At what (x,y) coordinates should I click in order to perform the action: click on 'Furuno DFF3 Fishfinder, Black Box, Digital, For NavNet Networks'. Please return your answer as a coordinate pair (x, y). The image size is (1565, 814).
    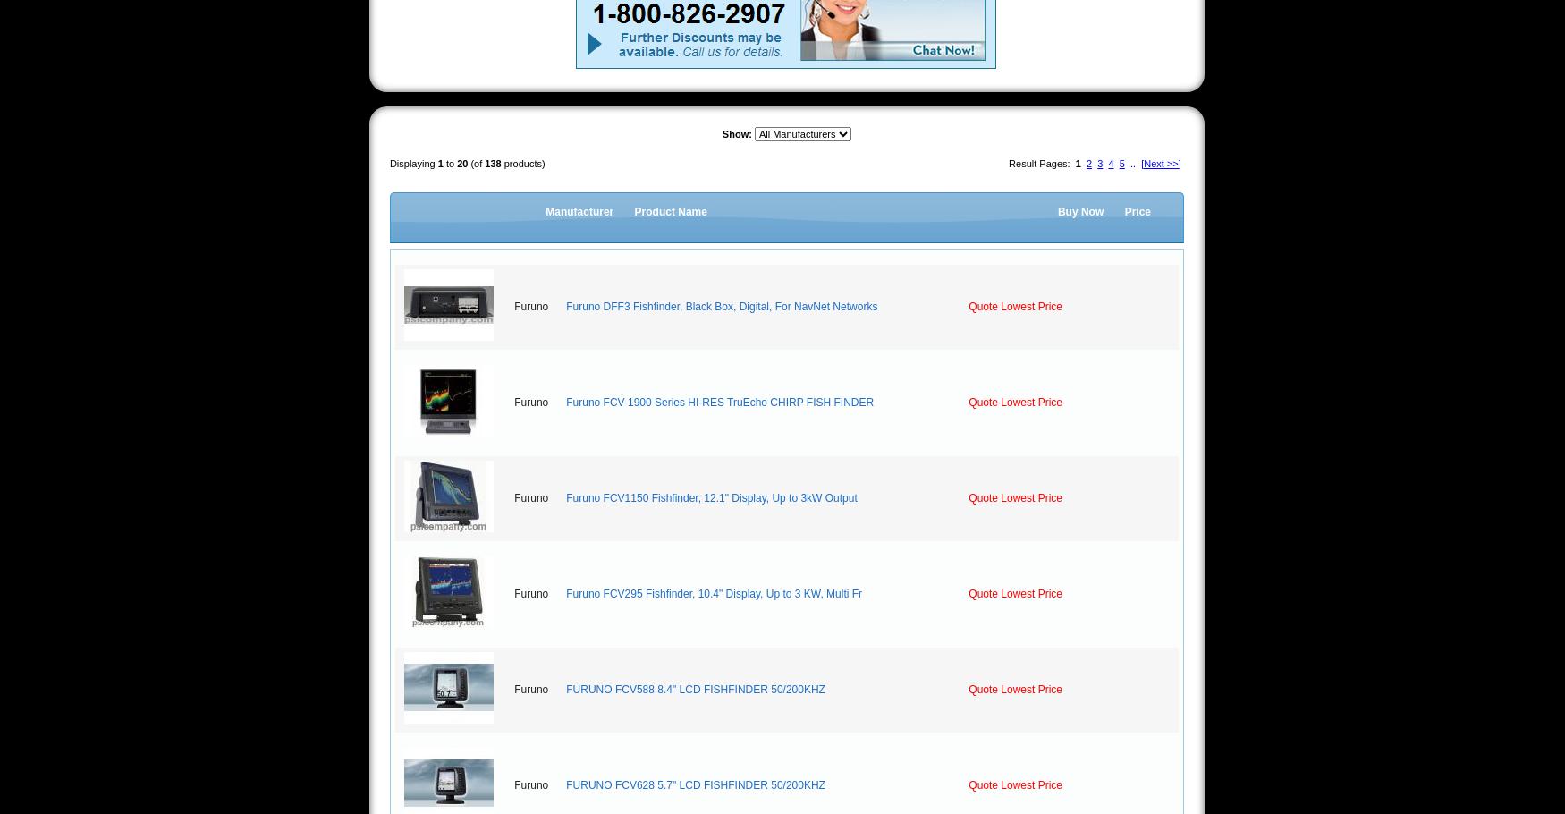
    Looking at the image, I should click on (720, 305).